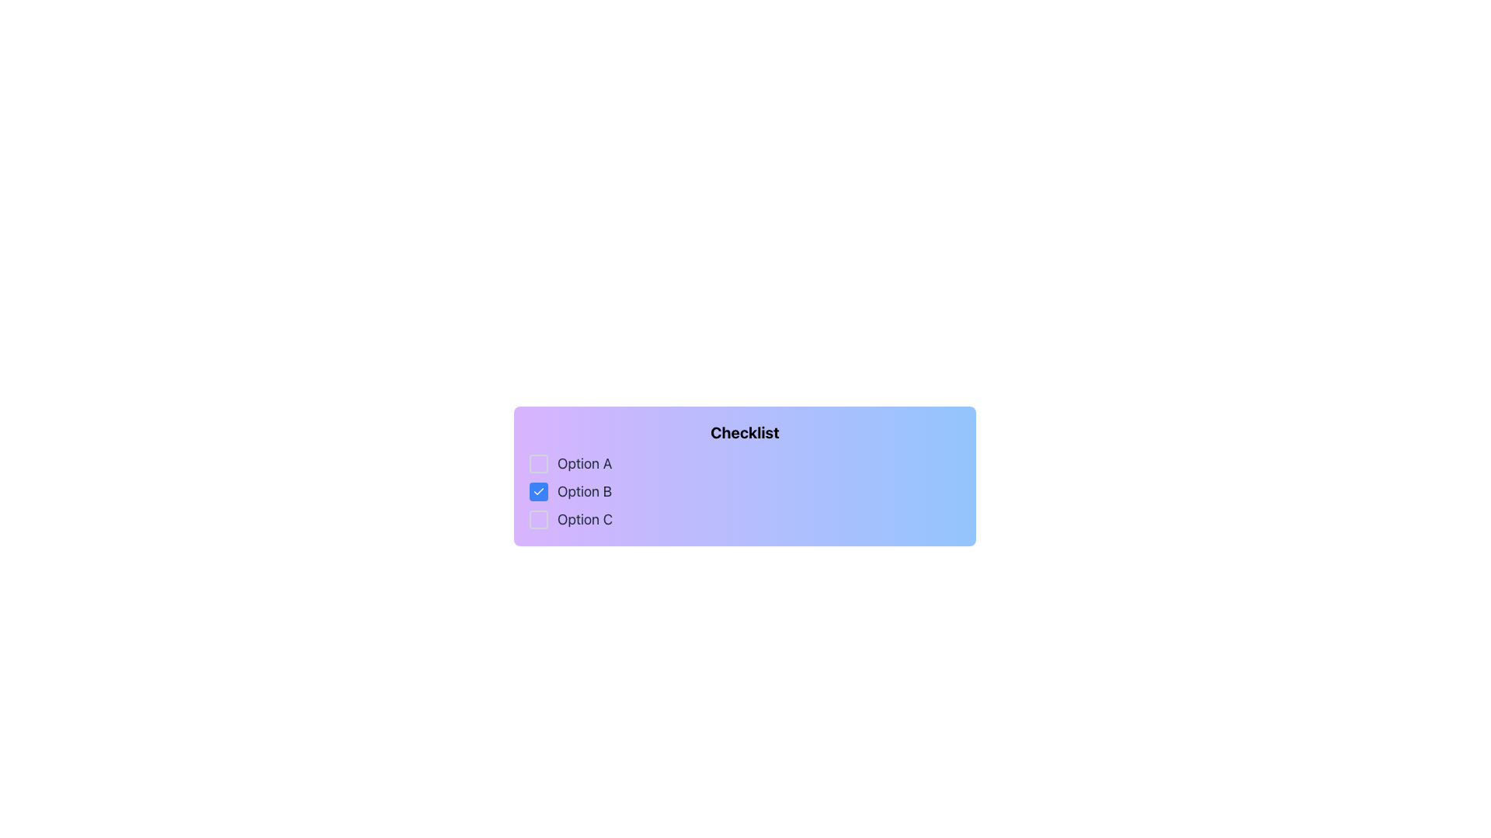  What do you see at coordinates (744, 491) in the screenshot?
I see `the Checklist element, which contains checkboxes for 'Option A', 'Option B', and 'Option C', from its current position` at bounding box center [744, 491].